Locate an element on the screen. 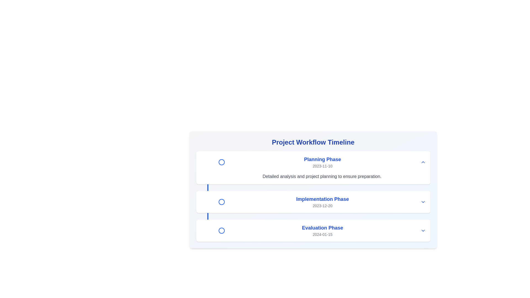 The image size is (530, 298). the static Text label providing information about the date associated with the 'Implementation Phase' event, located beneath the 'Implementation Phase' heading is located at coordinates (322, 206).